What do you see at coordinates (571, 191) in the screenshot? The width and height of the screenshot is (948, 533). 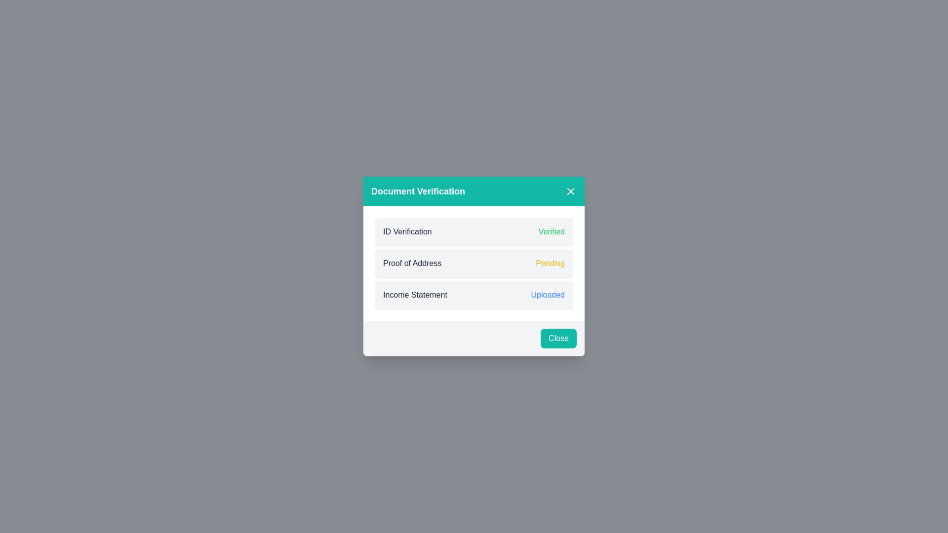 I see `the close button located in the top-right corner of the teal-colored header of the modal, next to the text 'Document Verification'` at bounding box center [571, 191].